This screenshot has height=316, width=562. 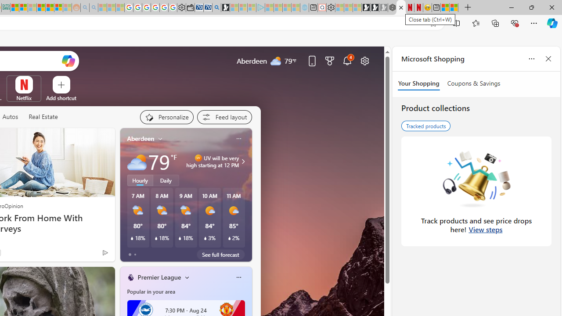 I want to click on 'Add a site', so click(x=61, y=98).